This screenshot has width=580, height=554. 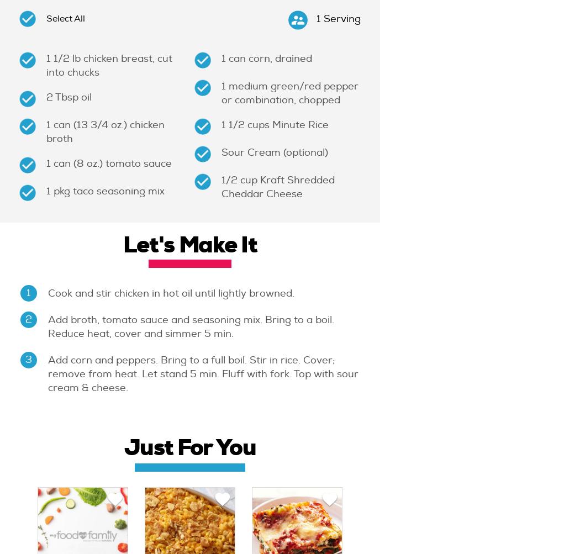 What do you see at coordinates (72, 191) in the screenshot?
I see `'taco seasoning mix'` at bounding box center [72, 191].